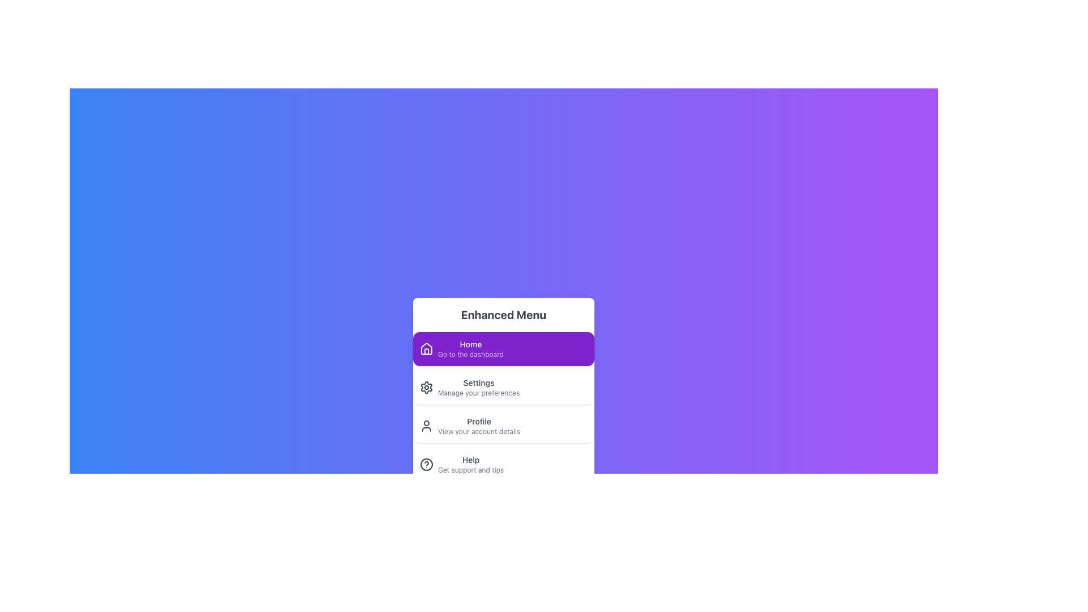 The image size is (1088, 612). Describe the element at coordinates (426, 465) in the screenshot. I see `the help icon, which is a circular button with a question mark, located in the lower part of the vertical menu next to the 'Help' label` at that location.